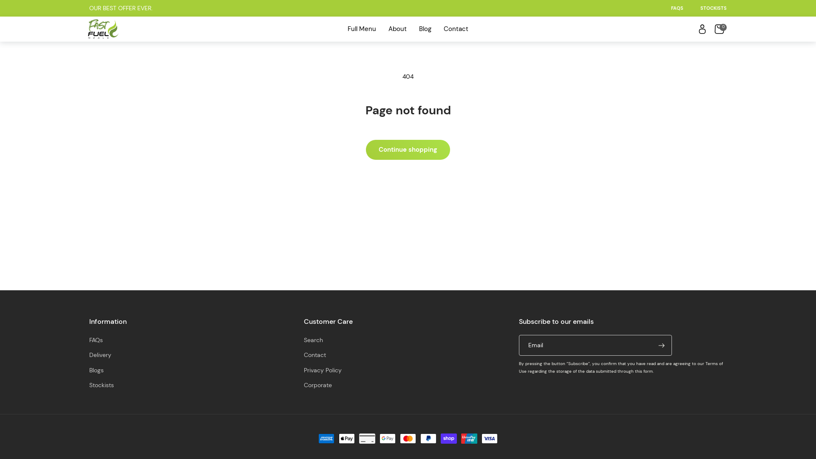 The image size is (816, 459). Describe the element at coordinates (677, 8) in the screenshot. I see `'FAQS'` at that location.